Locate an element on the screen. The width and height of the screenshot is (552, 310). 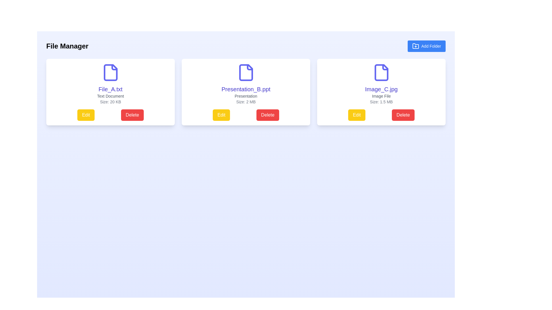
the static text element that categorizes the file as an image file, located below 'Image_C.jpg' and above 'Size: 1.5 MB' in the third card of a horizontal row is located at coordinates (381, 96).